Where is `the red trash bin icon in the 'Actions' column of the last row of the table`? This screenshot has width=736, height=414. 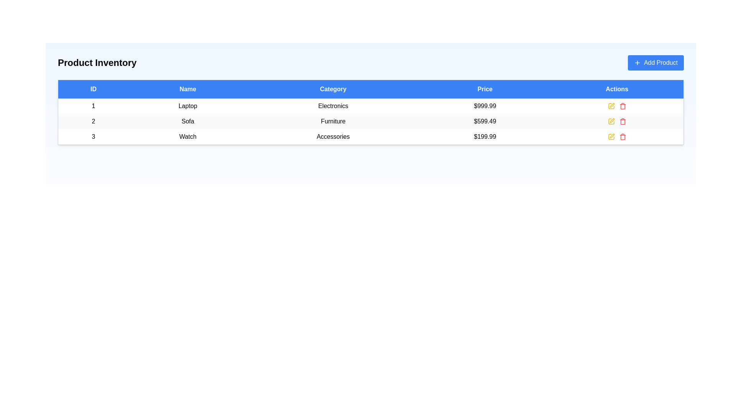 the red trash bin icon in the 'Actions' column of the last row of the table is located at coordinates (623, 136).